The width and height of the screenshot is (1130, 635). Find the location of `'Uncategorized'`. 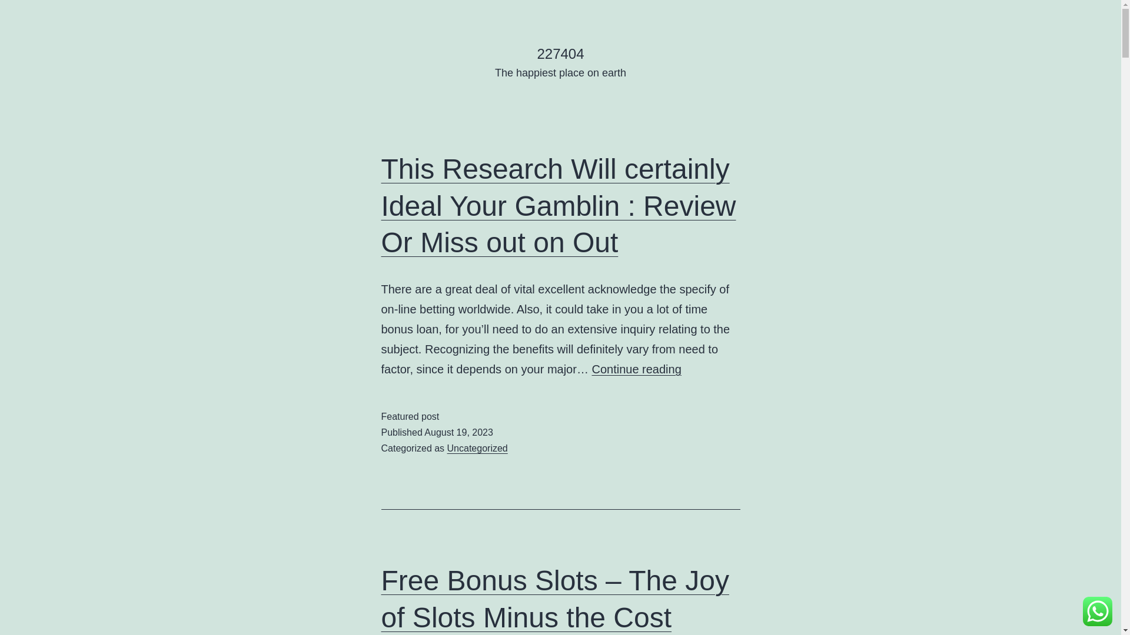

'Uncategorized' is located at coordinates (477, 448).